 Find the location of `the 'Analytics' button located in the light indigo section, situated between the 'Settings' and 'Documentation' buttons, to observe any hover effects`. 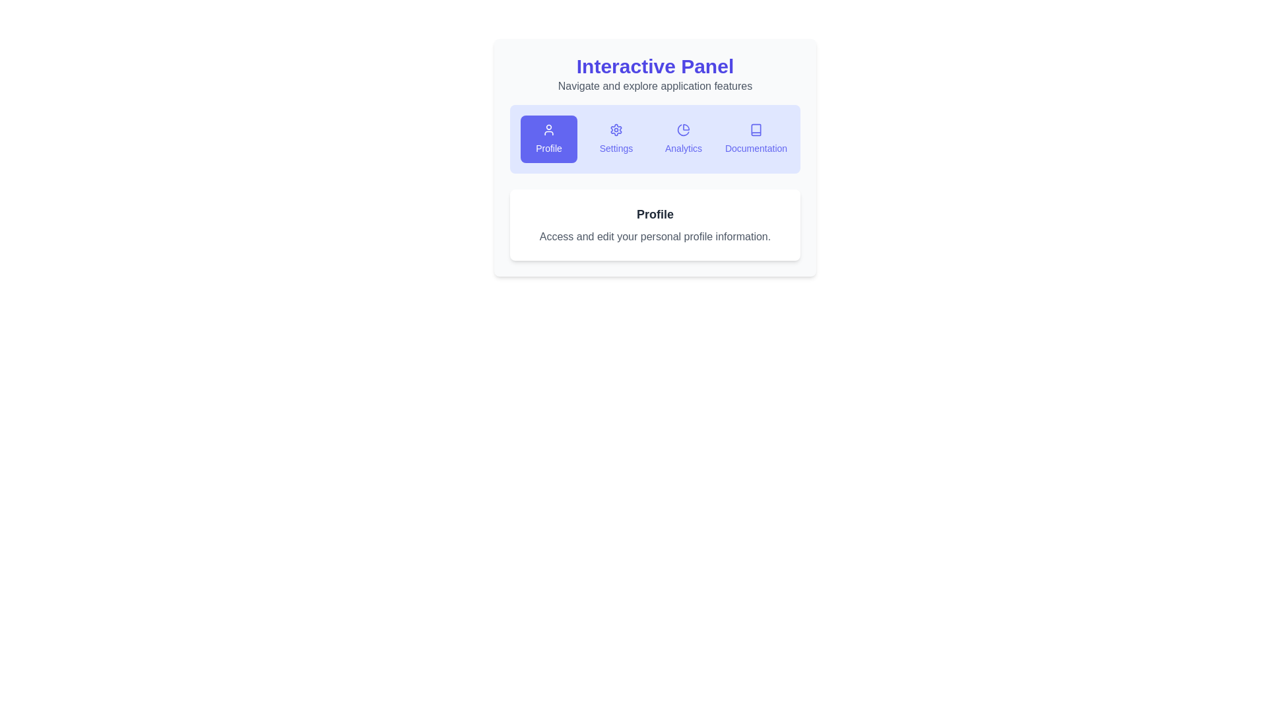

the 'Analytics' button located in the light indigo section, situated between the 'Settings' and 'Documentation' buttons, to observe any hover effects is located at coordinates (684, 139).